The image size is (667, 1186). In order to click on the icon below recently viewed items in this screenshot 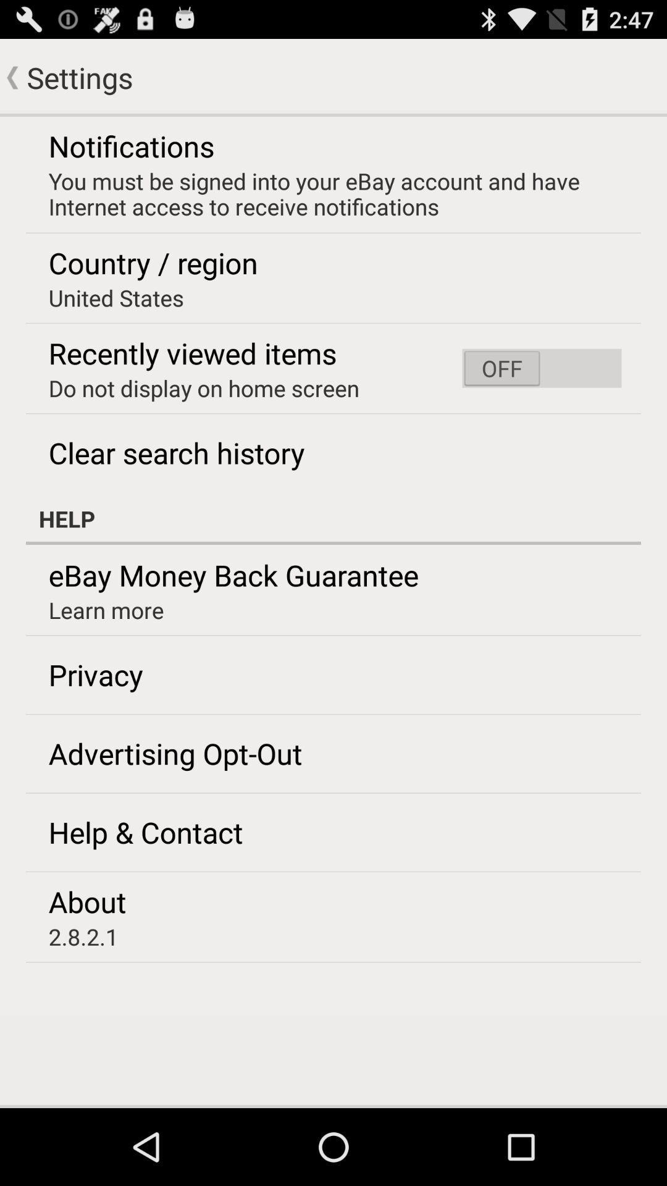, I will do `click(203, 387)`.